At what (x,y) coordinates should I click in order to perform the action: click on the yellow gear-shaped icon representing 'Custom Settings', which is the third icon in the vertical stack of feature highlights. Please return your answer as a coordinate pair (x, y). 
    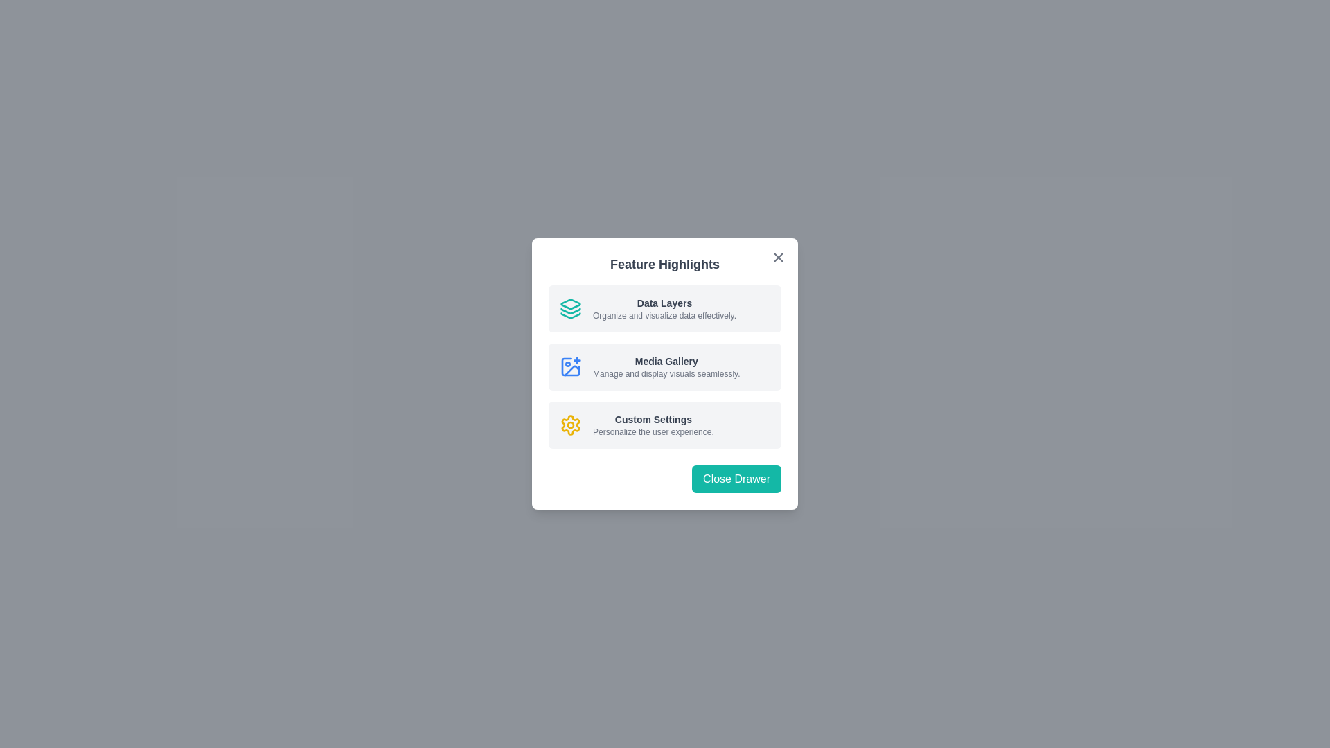
    Looking at the image, I should click on (571, 424).